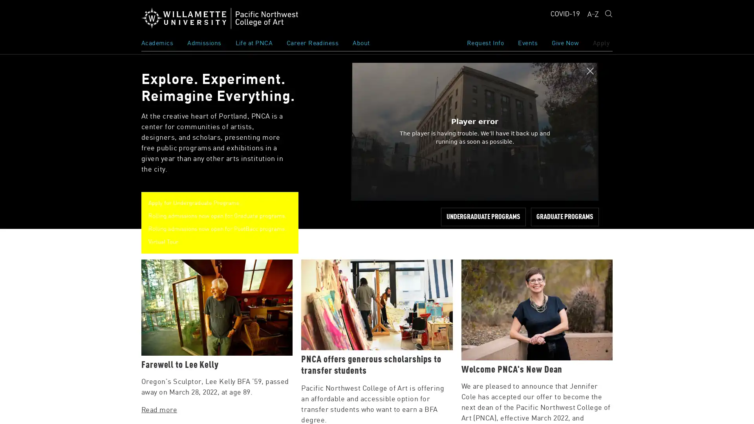  I want to click on Submit search, so click(711, 14).